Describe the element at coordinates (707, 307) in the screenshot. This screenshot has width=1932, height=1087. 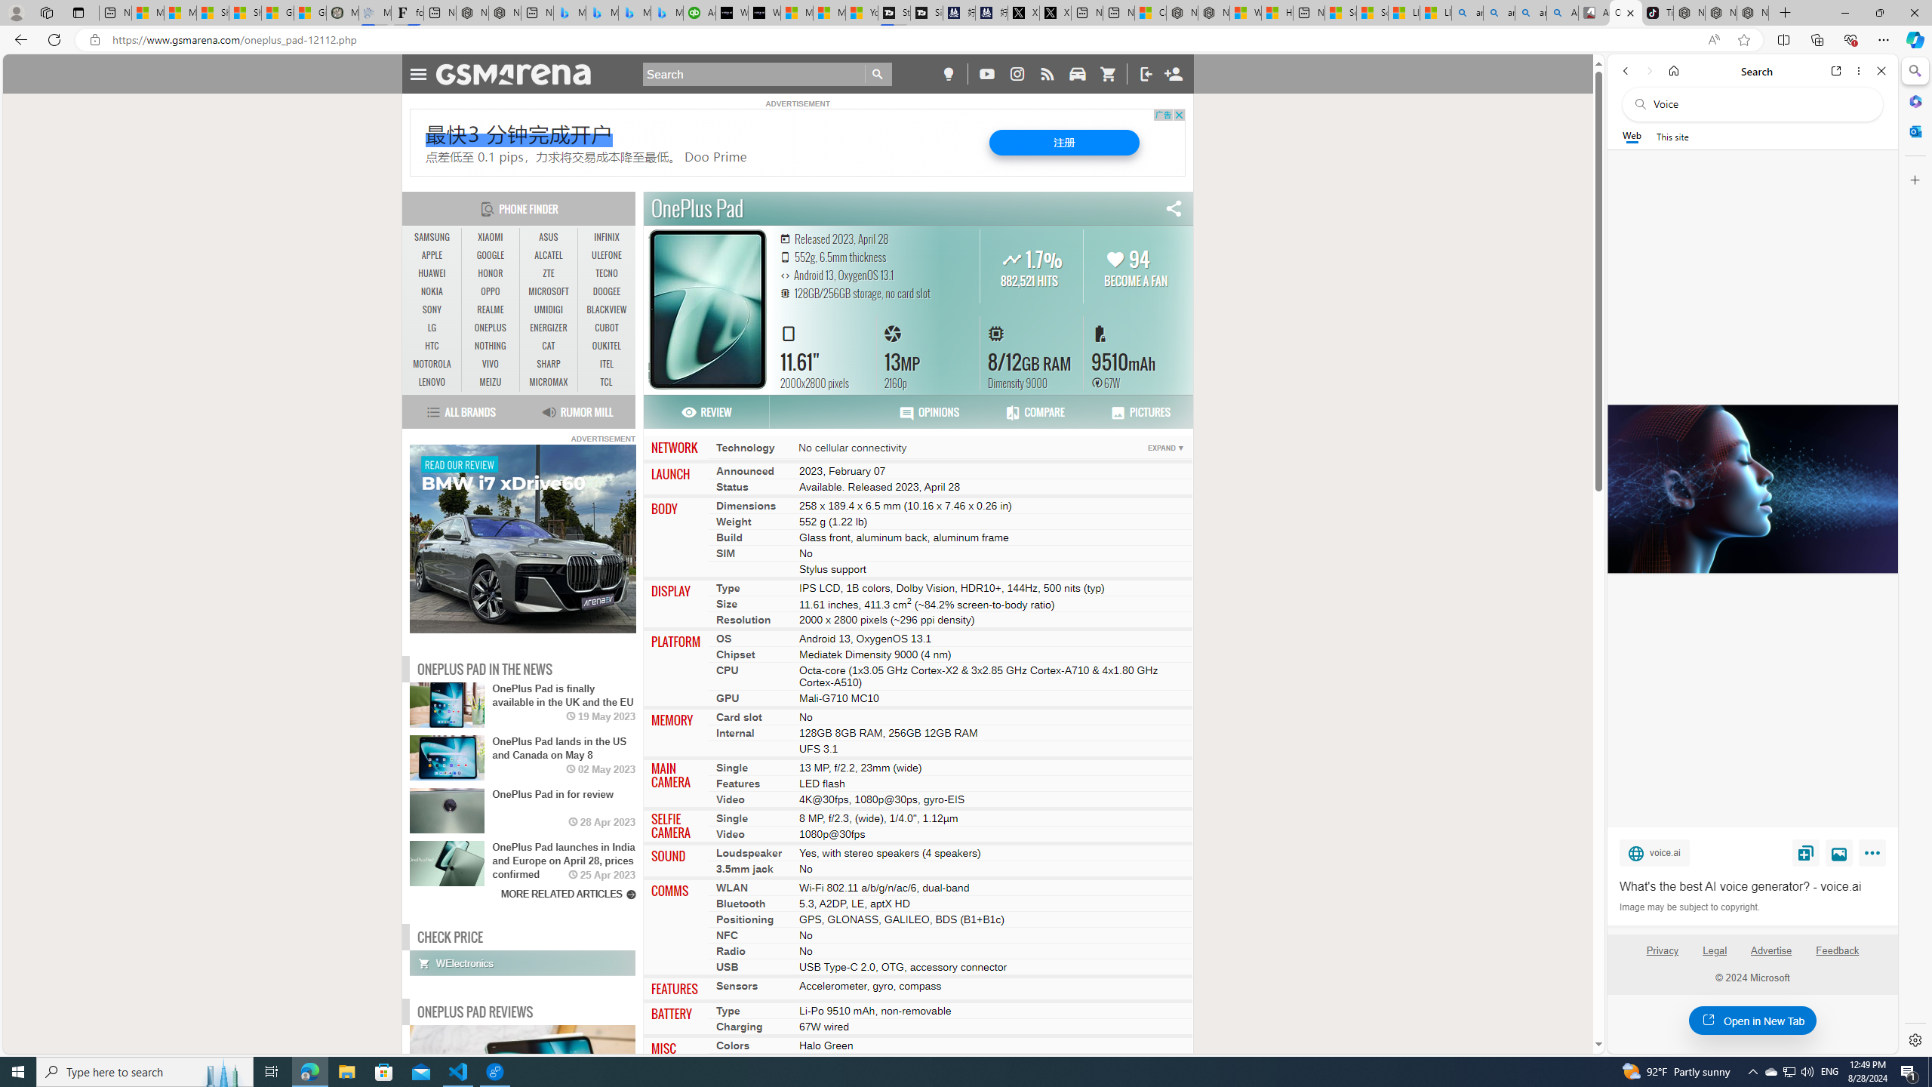
I see `'OnePlus Pad MORE PICTURES'` at that location.